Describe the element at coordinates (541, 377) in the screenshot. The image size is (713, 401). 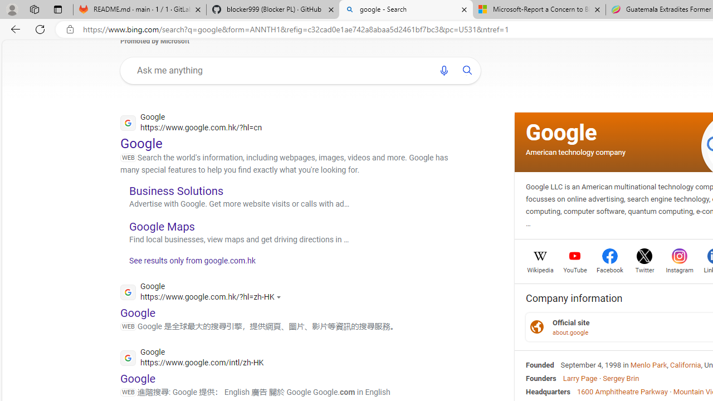
I see `'Founders'` at that location.